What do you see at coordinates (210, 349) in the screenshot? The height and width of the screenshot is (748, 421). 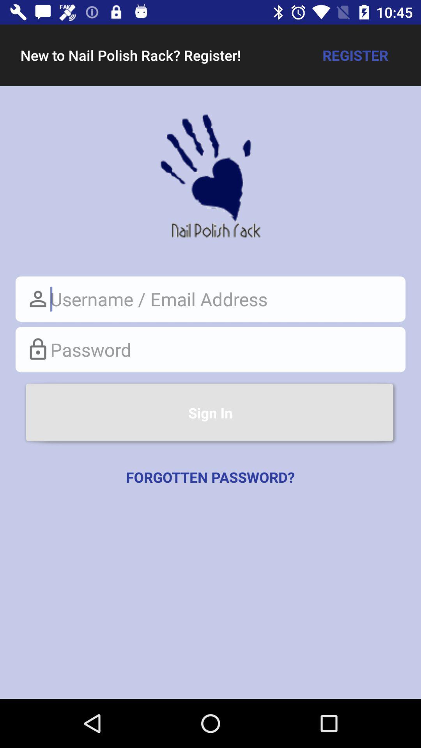 I see `password field` at bounding box center [210, 349].